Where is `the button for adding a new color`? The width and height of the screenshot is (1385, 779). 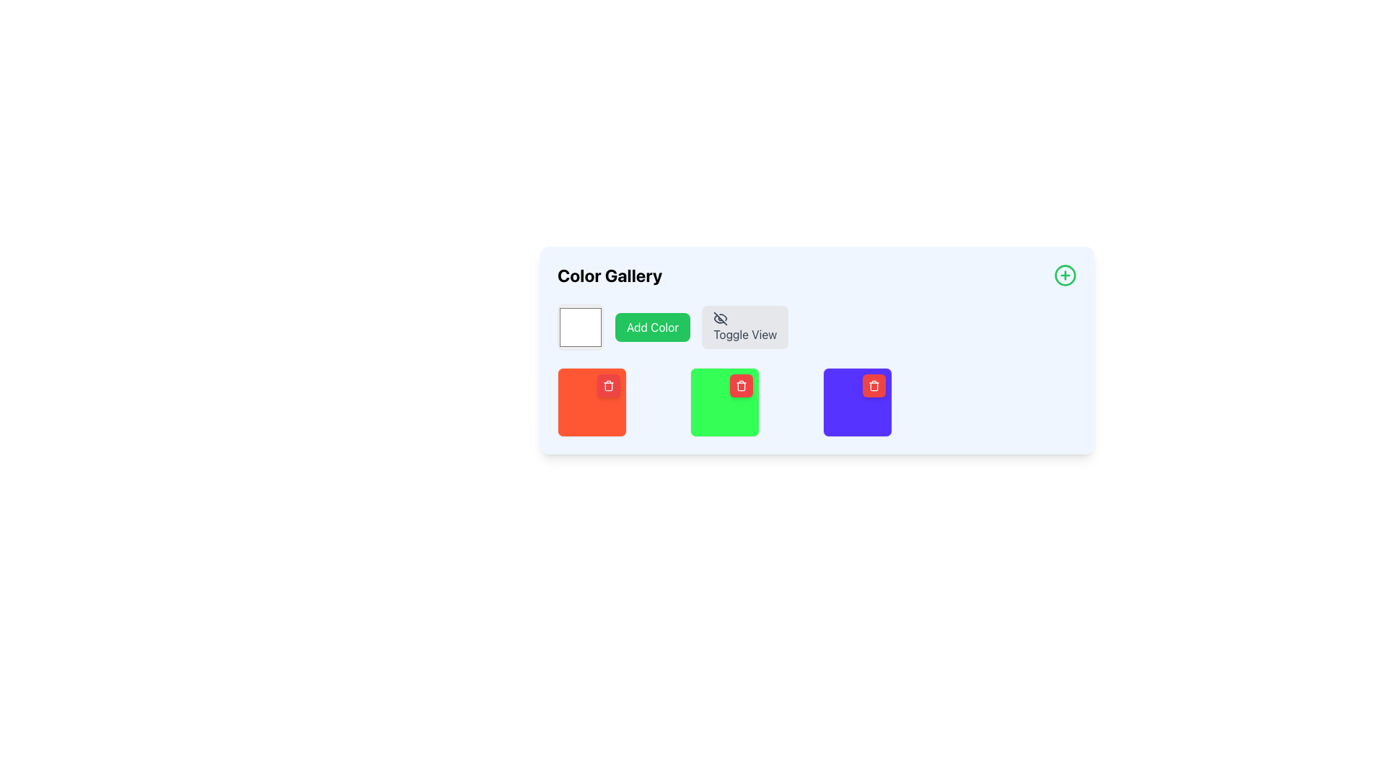
the button for adding a new color is located at coordinates (652, 327).